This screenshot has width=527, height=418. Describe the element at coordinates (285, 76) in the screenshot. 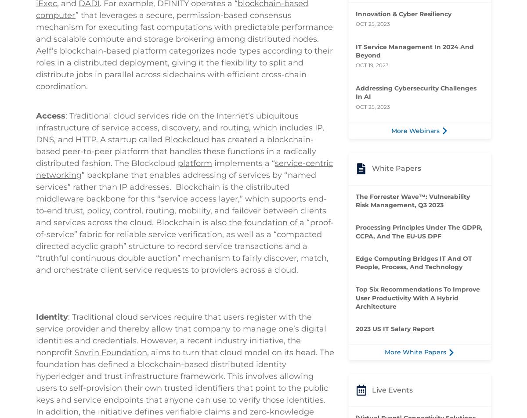

I see `'DFINITY'` at that location.